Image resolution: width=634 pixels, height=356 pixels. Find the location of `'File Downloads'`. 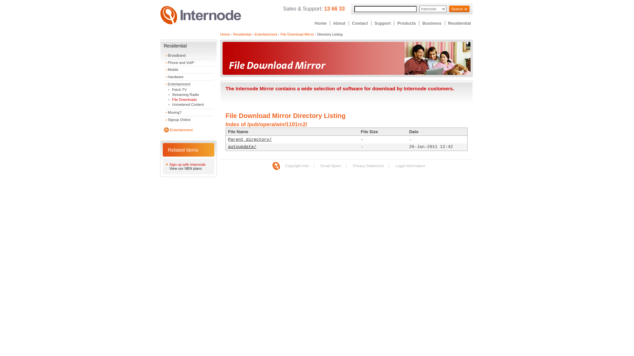

'File Downloads' is located at coordinates (184, 99).